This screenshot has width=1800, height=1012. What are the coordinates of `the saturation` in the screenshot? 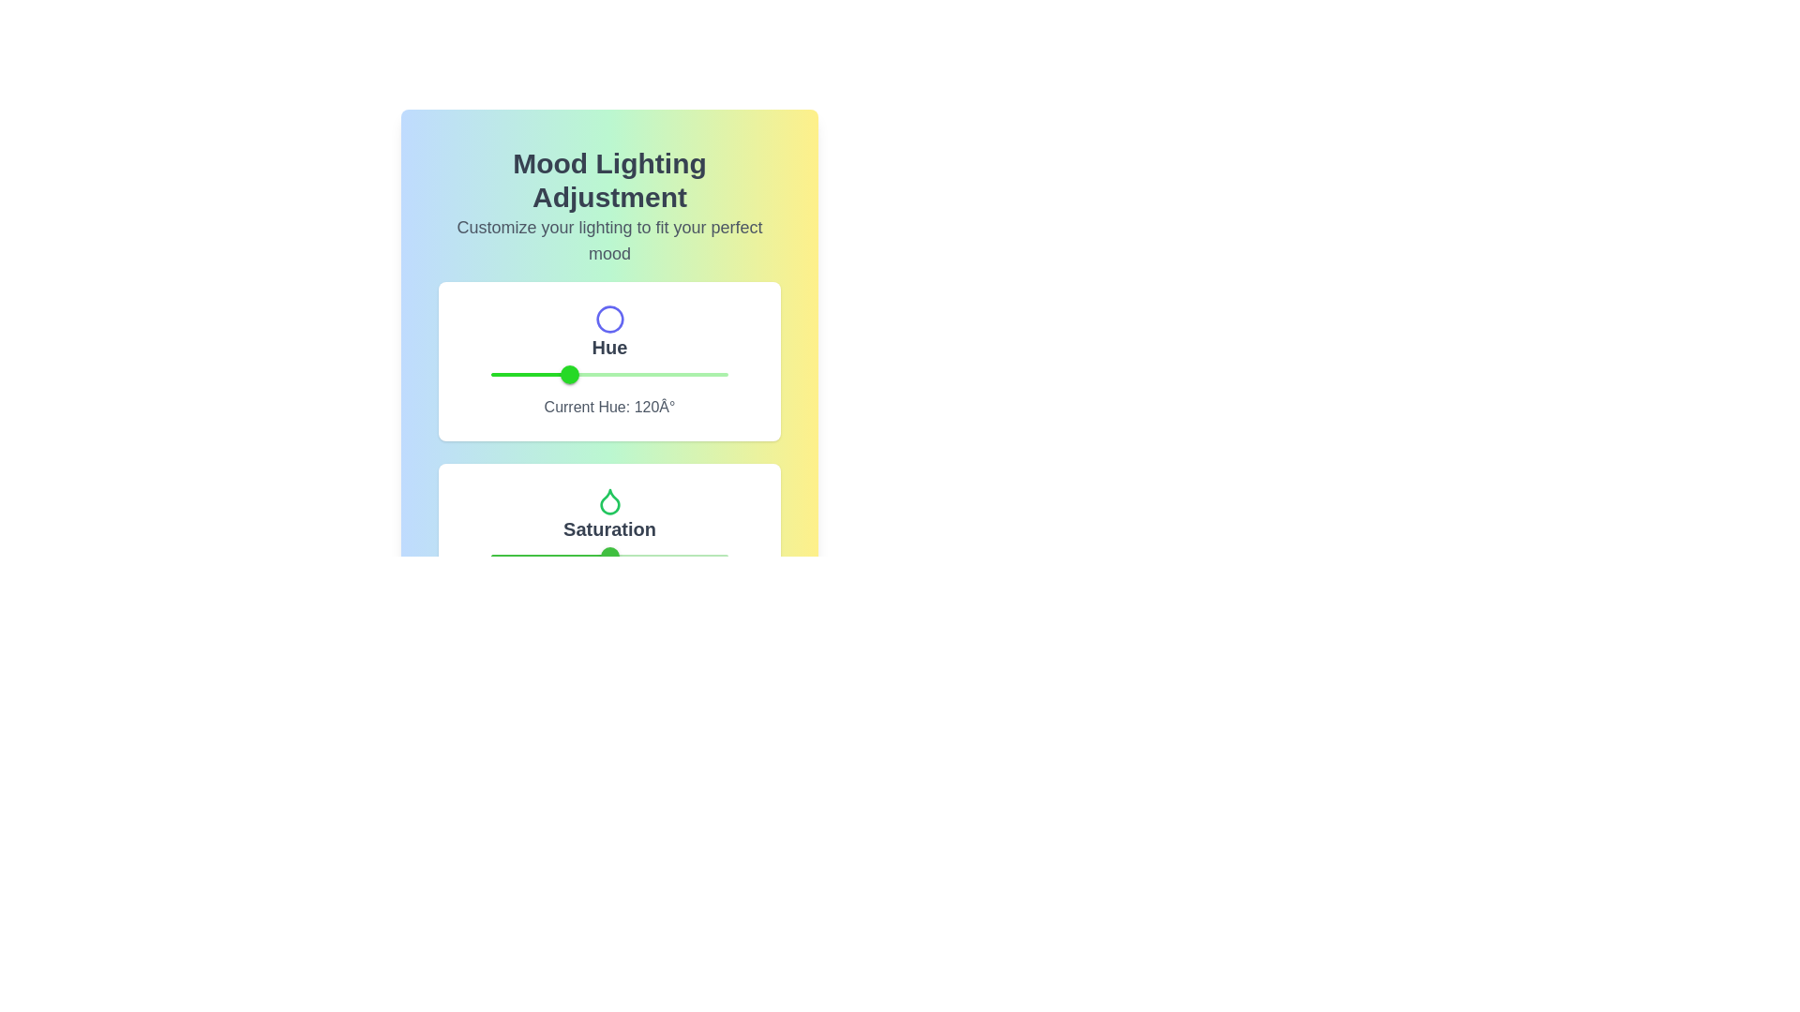 It's located at (590, 556).